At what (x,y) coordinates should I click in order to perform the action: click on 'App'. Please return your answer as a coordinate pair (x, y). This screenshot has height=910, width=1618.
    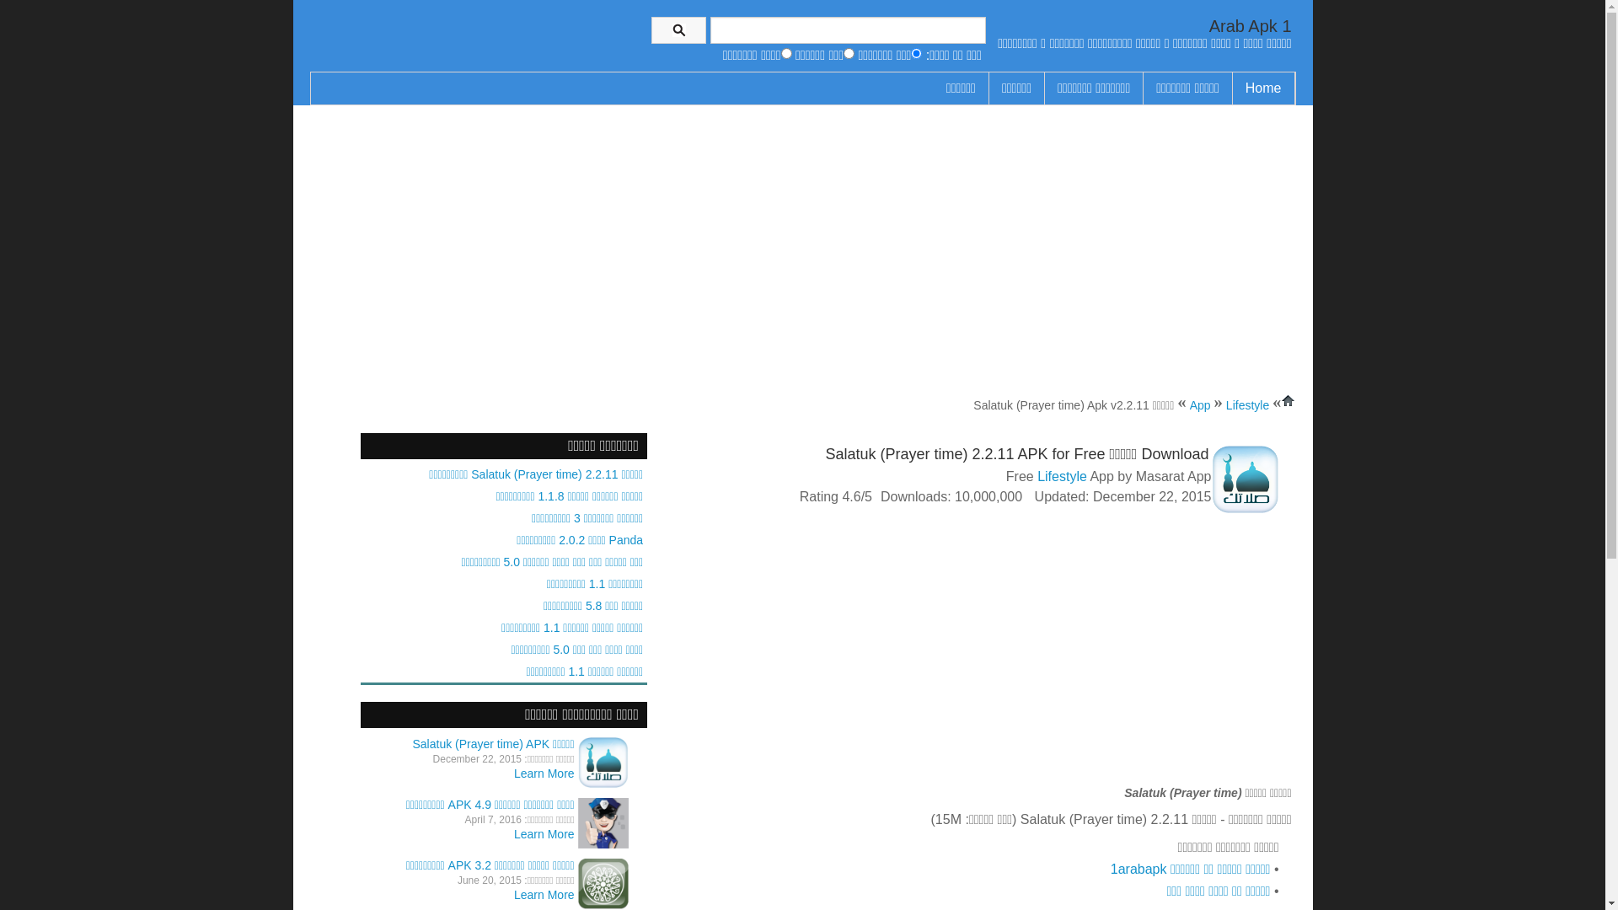
    Looking at the image, I should click on (1188, 405).